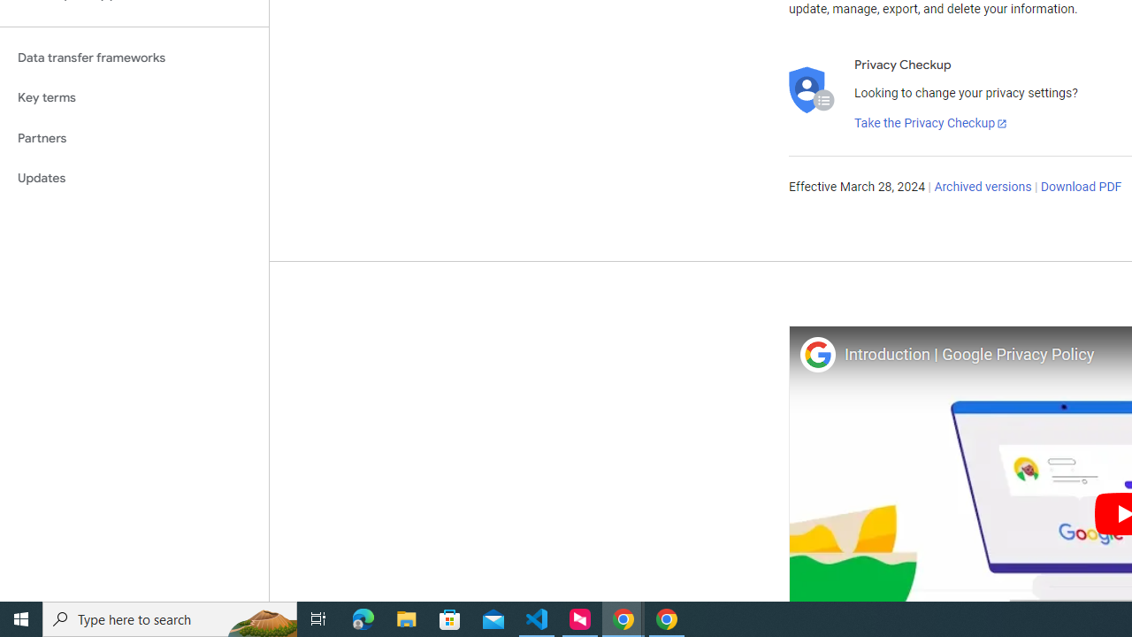  I want to click on 'Photo image of Google', so click(816, 354).